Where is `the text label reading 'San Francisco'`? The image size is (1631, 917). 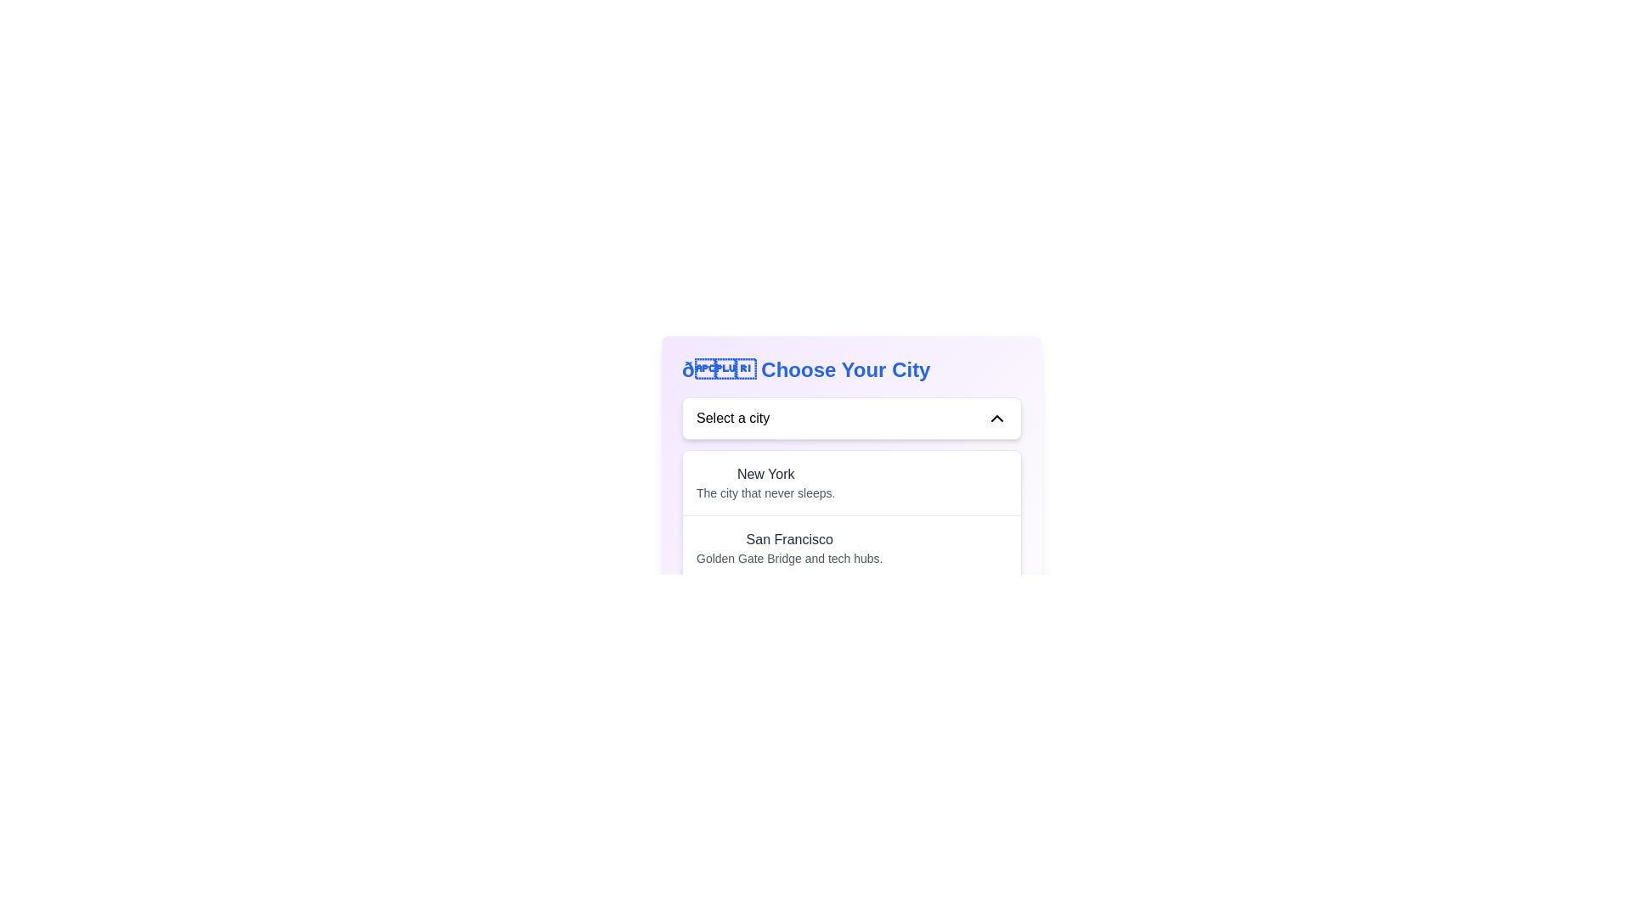 the text label reading 'San Francisco' is located at coordinates (788, 540).